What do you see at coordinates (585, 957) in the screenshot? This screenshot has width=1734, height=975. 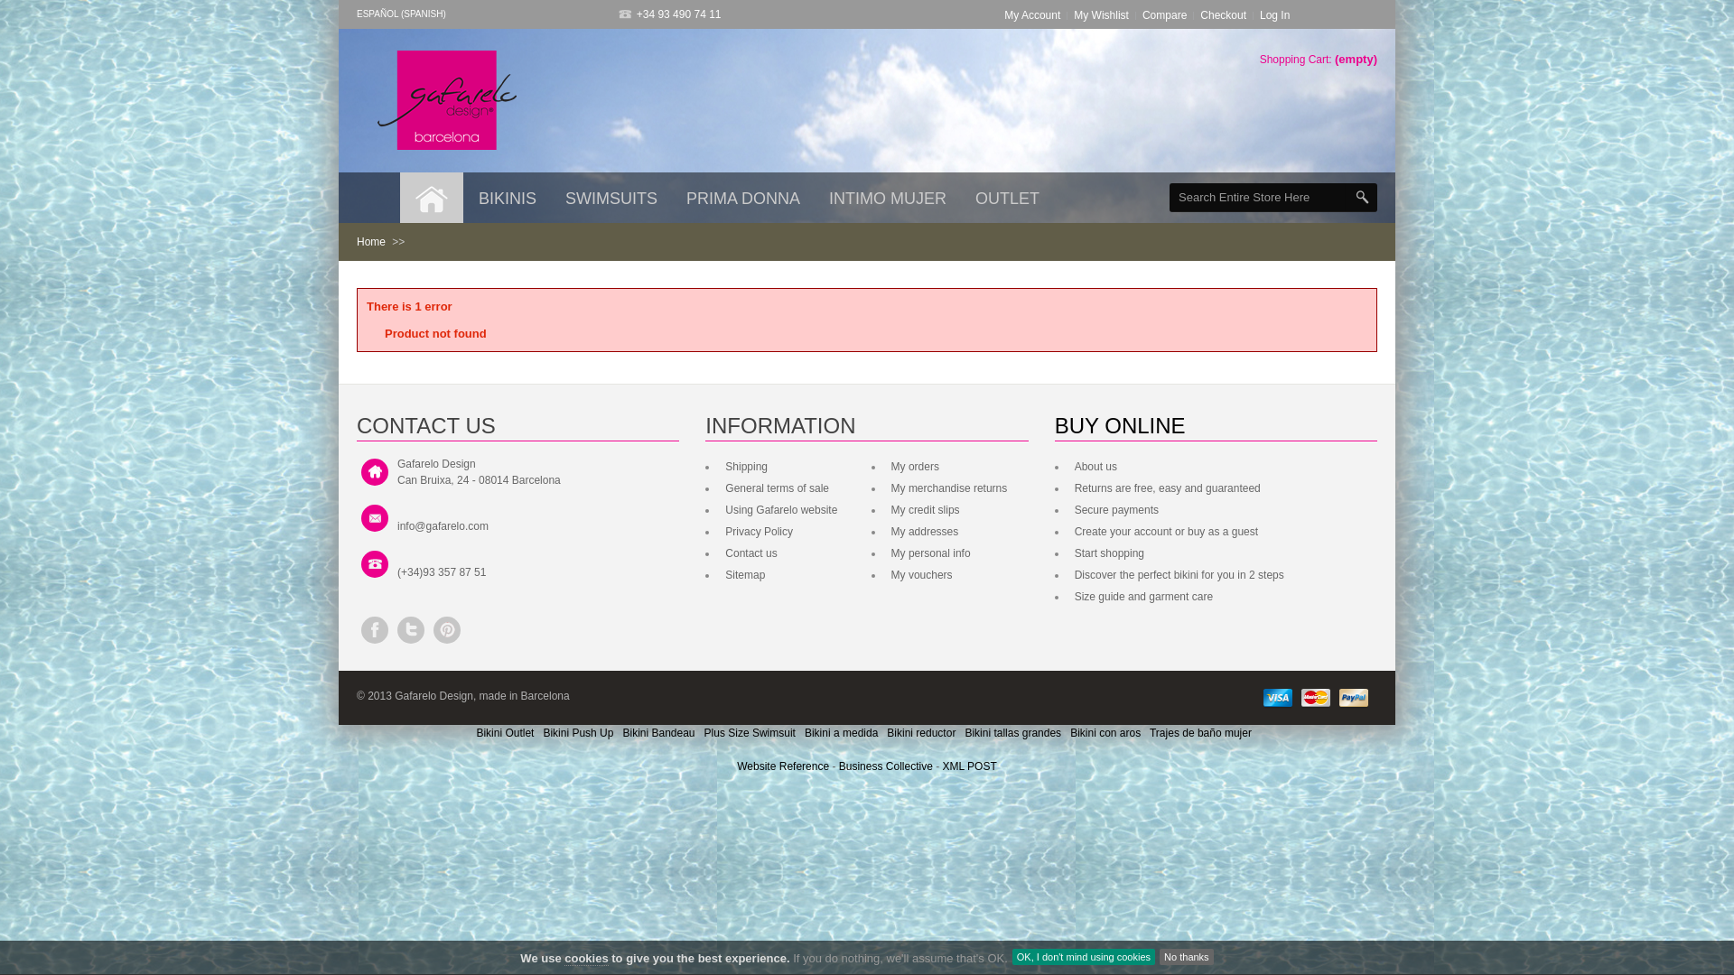 I see `'cookies'` at bounding box center [585, 957].